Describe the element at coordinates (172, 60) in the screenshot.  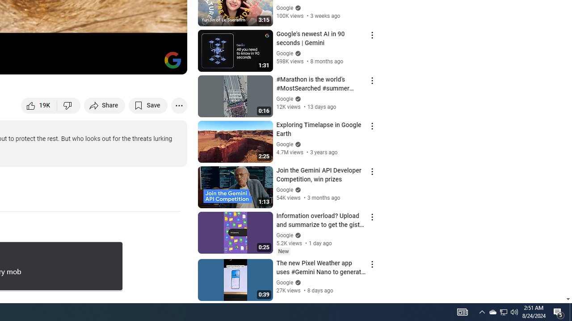
I see `'Channel watermark'` at that location.